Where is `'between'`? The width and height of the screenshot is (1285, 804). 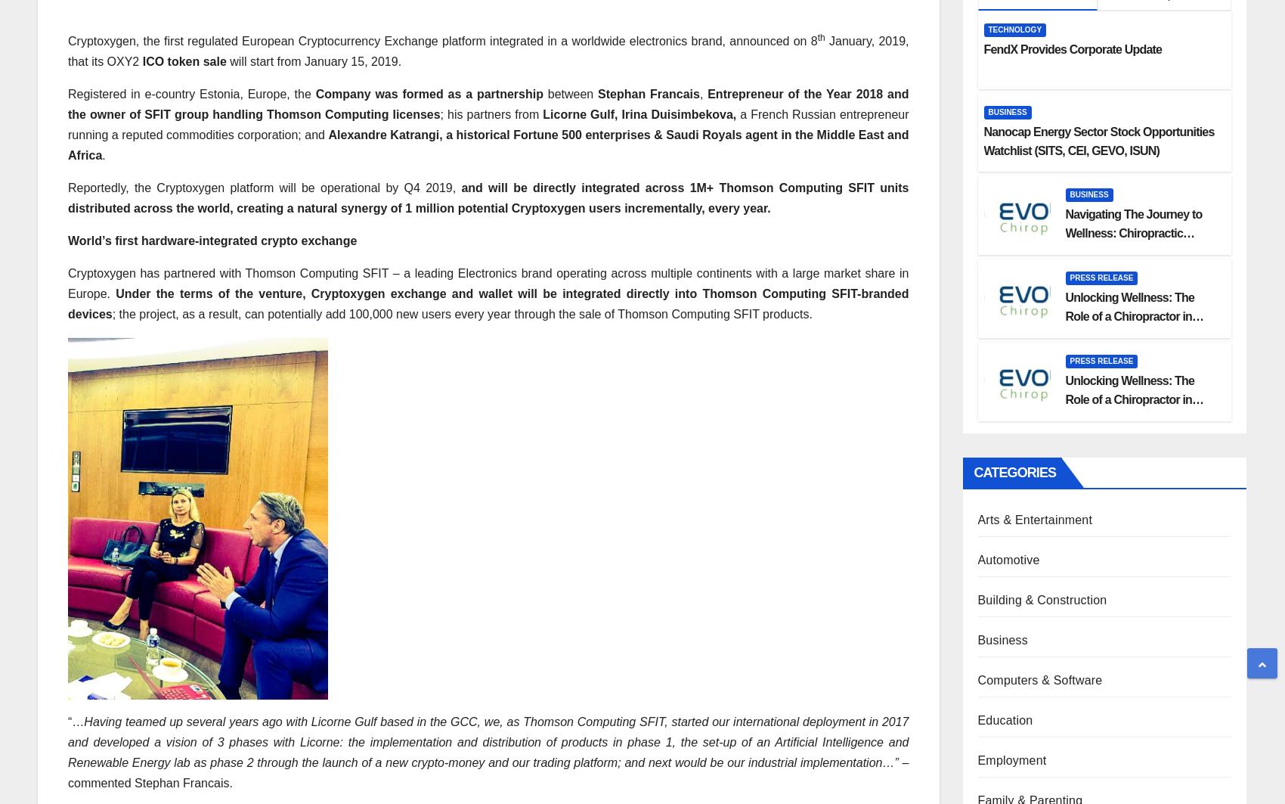 'between' is located at coordinates (569, 93).